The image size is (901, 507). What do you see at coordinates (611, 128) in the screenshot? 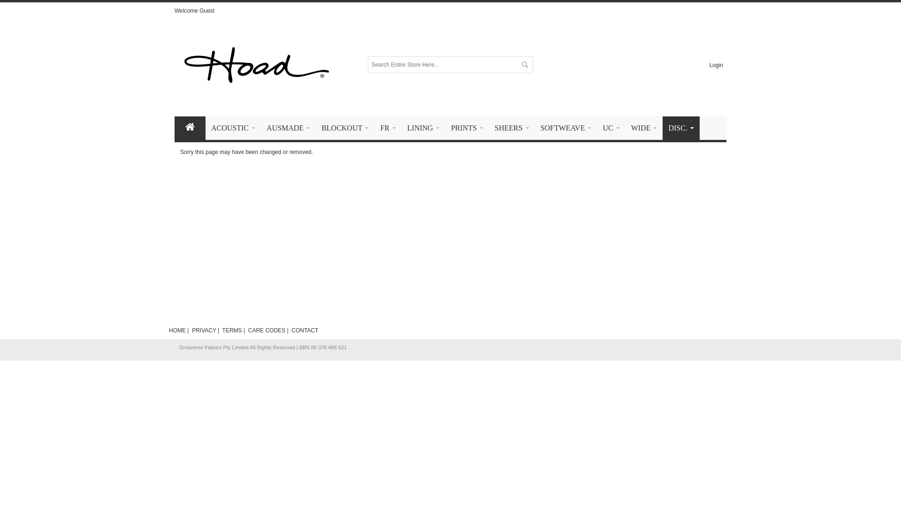
I see `'UC  '` at bounding box center [611, 128].